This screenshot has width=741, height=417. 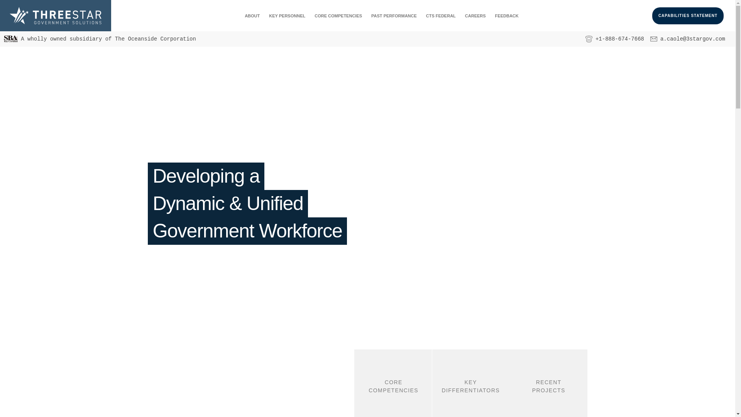 I want to click on 'ABOUT', so click(x=252, y=16).